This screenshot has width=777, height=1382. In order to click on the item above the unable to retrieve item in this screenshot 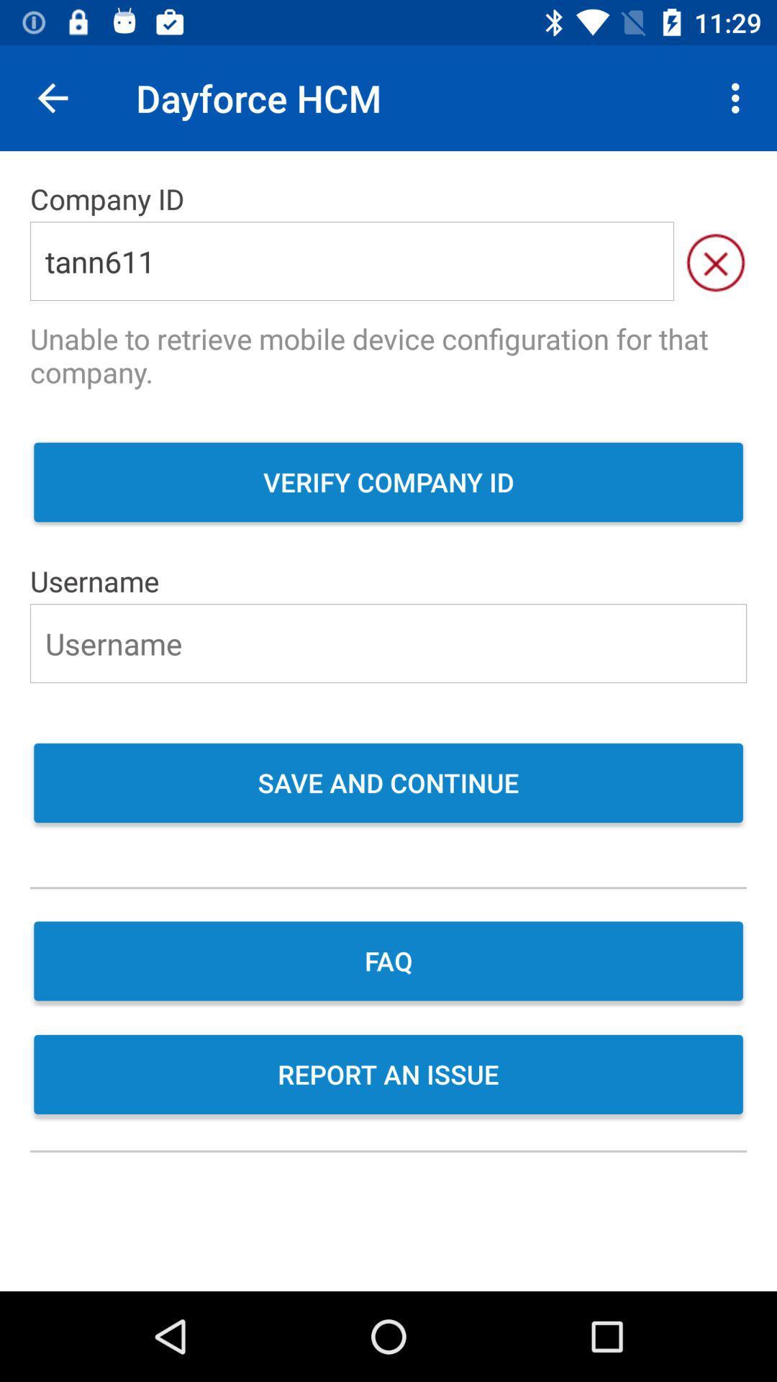, I will do `click(352, 261)`.